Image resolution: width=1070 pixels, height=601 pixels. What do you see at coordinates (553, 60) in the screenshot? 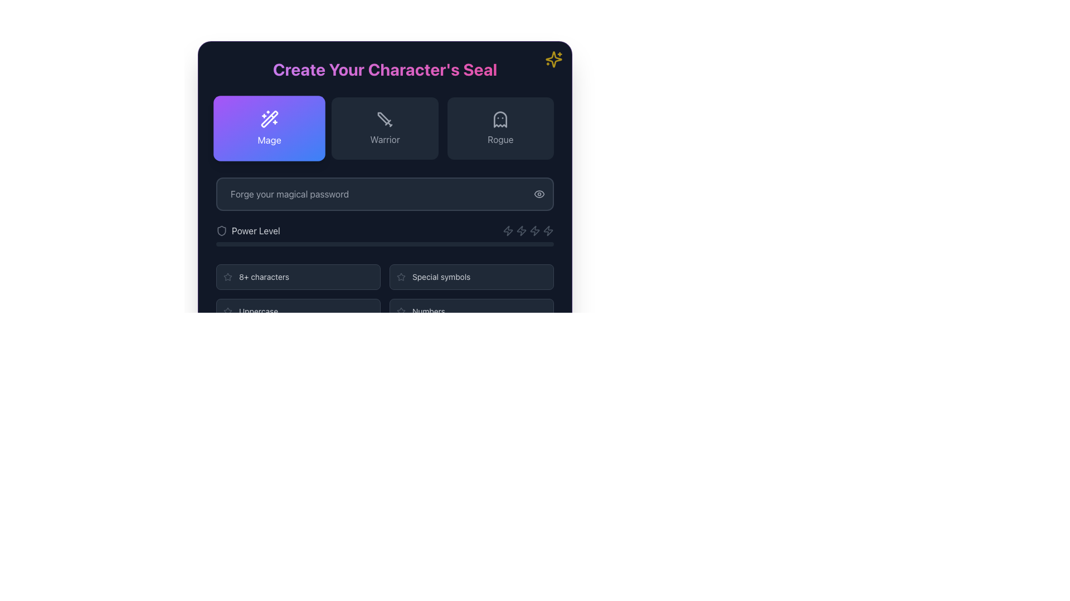
I see `the Decorative Icon, which is a sparkly star styled with yellow coloring and pulsating animation, located in the upper-right corner outside the main title box of 'Create Your Character's Seal'` at bounding box center [553, 60].